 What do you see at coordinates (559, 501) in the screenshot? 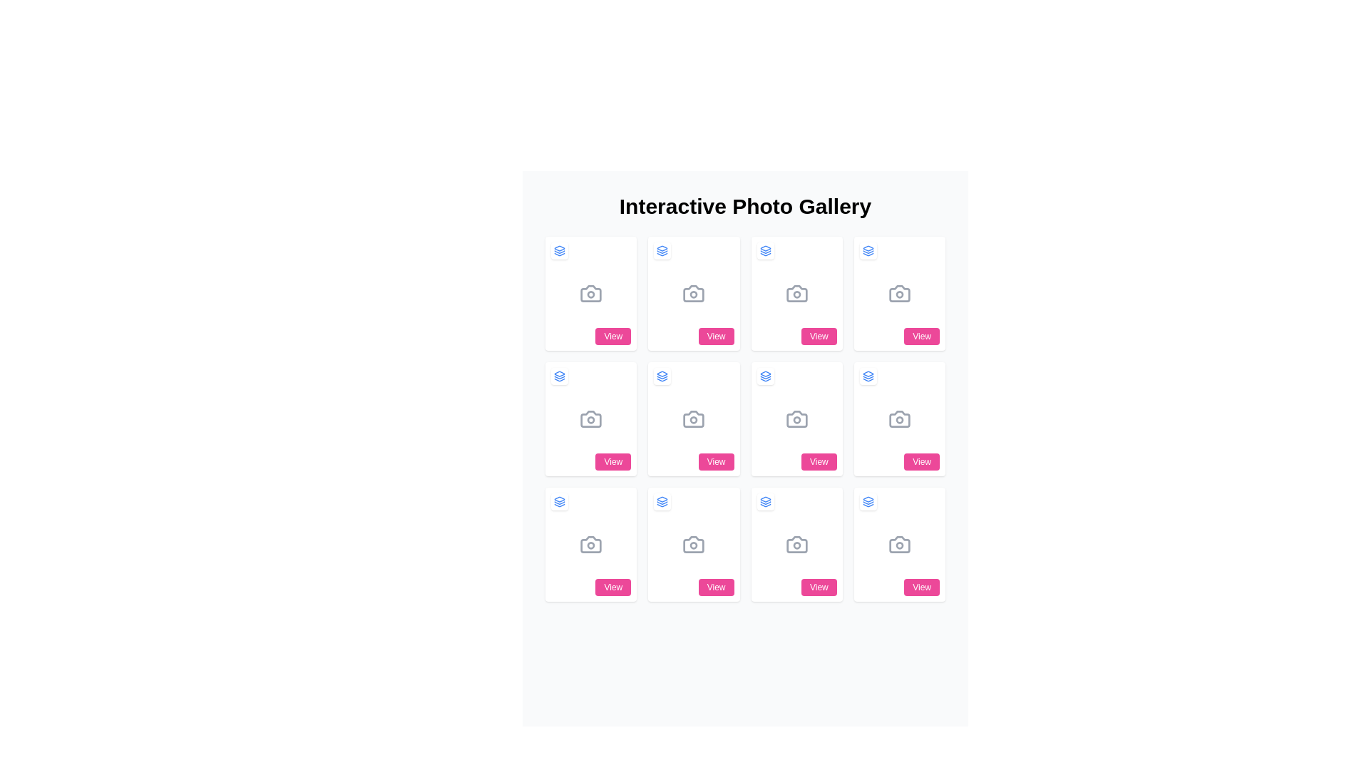
I see `the icon located at the top-left corner inside the card in the leftmost column and bottom row of the grid` at bounding box center [559, 501].